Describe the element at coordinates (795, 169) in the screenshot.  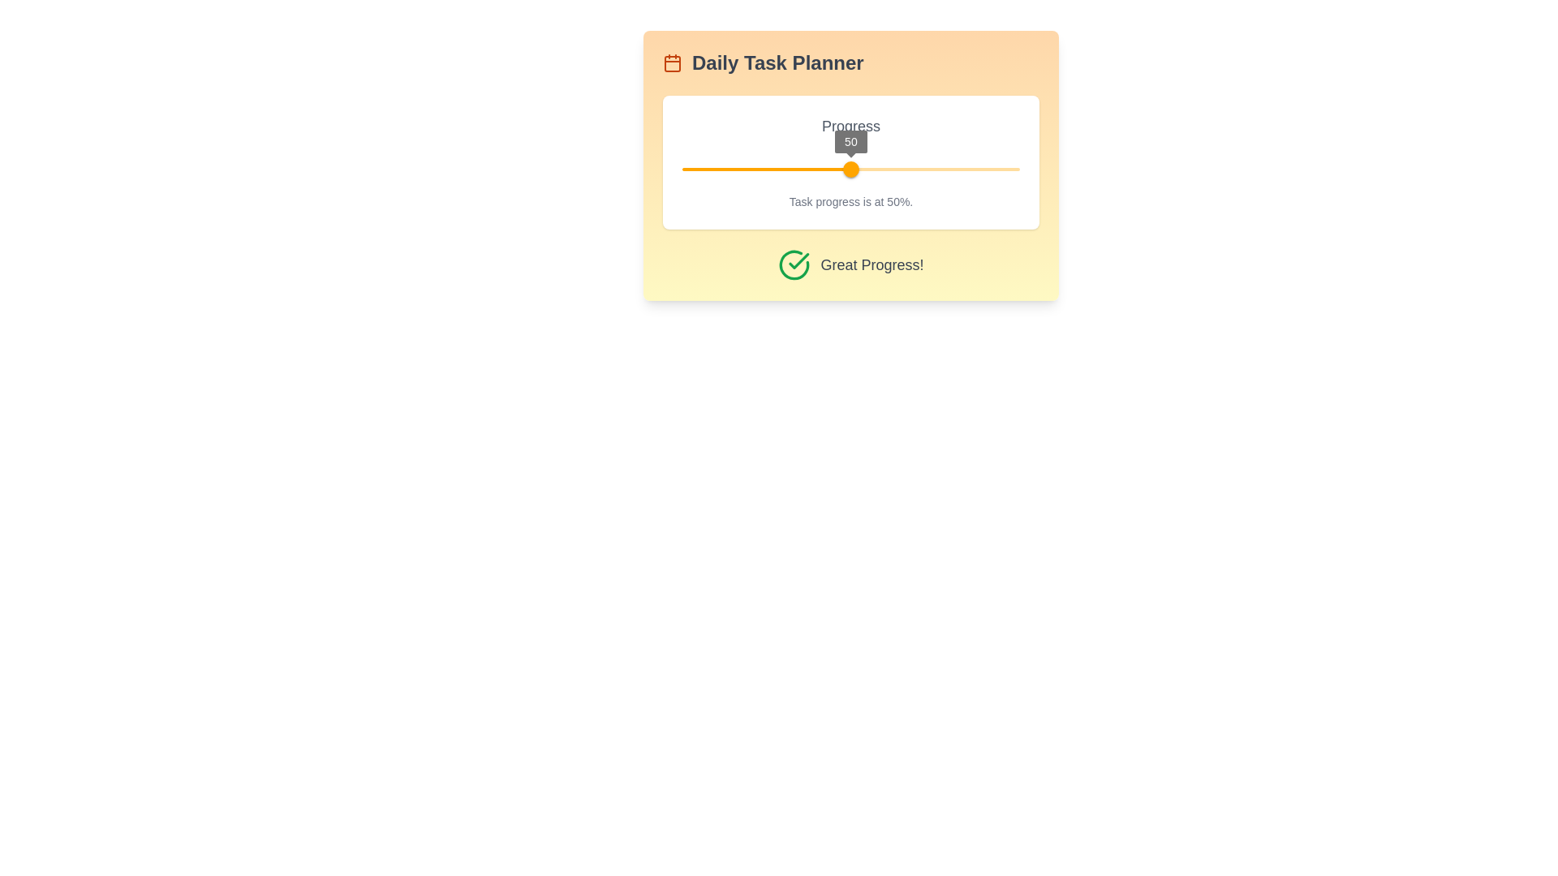
I see `the progress value` at that location.